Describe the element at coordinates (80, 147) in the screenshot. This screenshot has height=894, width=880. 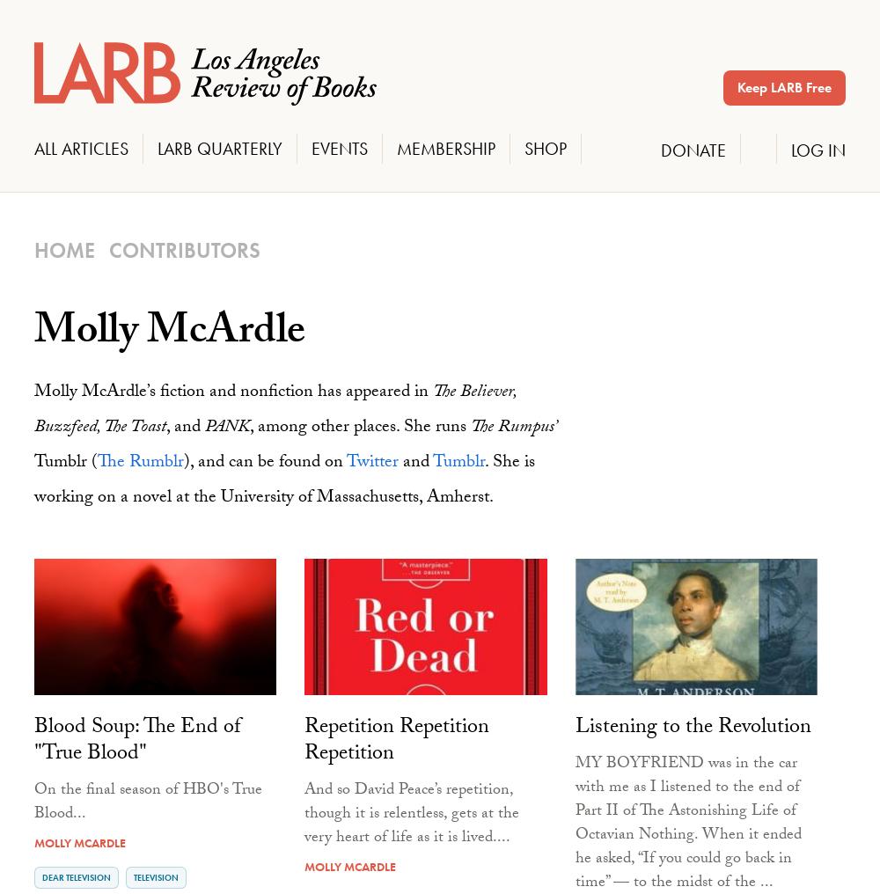
I see `'All Articles'` at that location.